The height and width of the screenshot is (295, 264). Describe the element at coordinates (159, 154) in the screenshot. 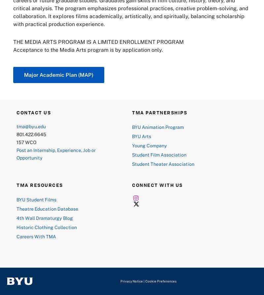

I see `'Student Film Association'` at that location.